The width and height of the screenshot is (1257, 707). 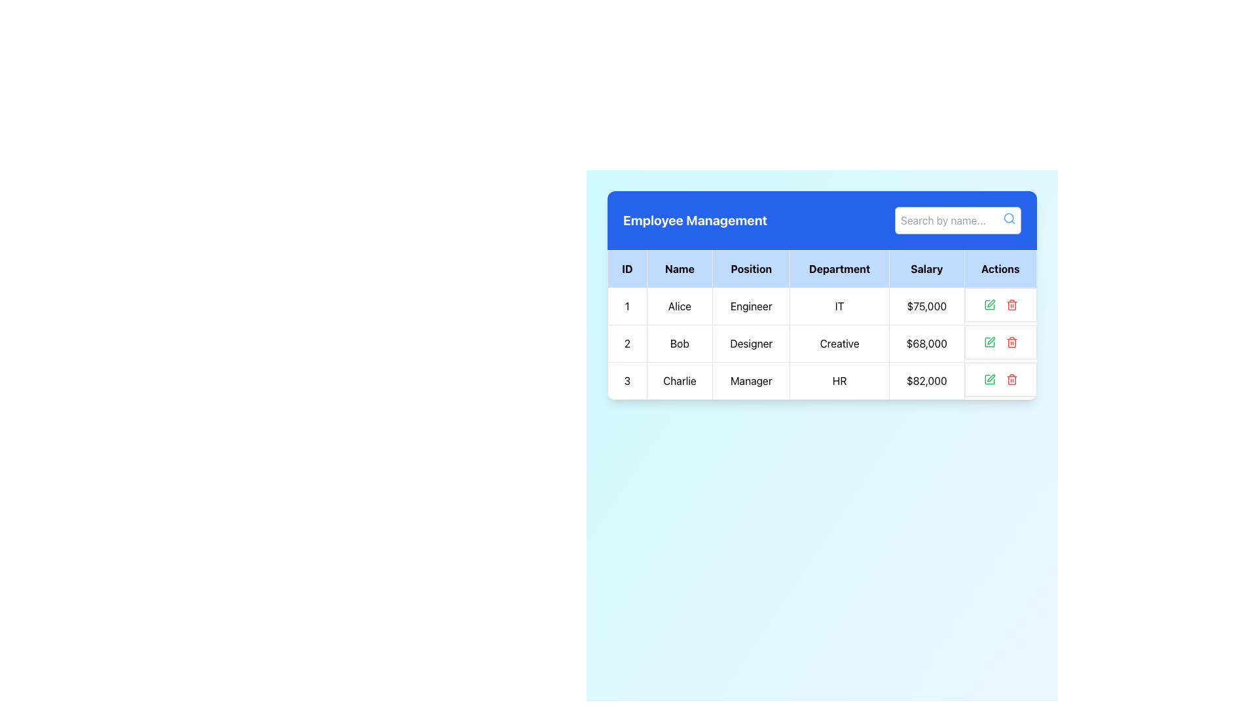 What do you see at coordinates (839, 342) in the screenshot?
I see `the text label displaying 'Creative' which is centrally aligned in the 'Department' column of the second row in the tabular layout` at bounding box center [839, 342].